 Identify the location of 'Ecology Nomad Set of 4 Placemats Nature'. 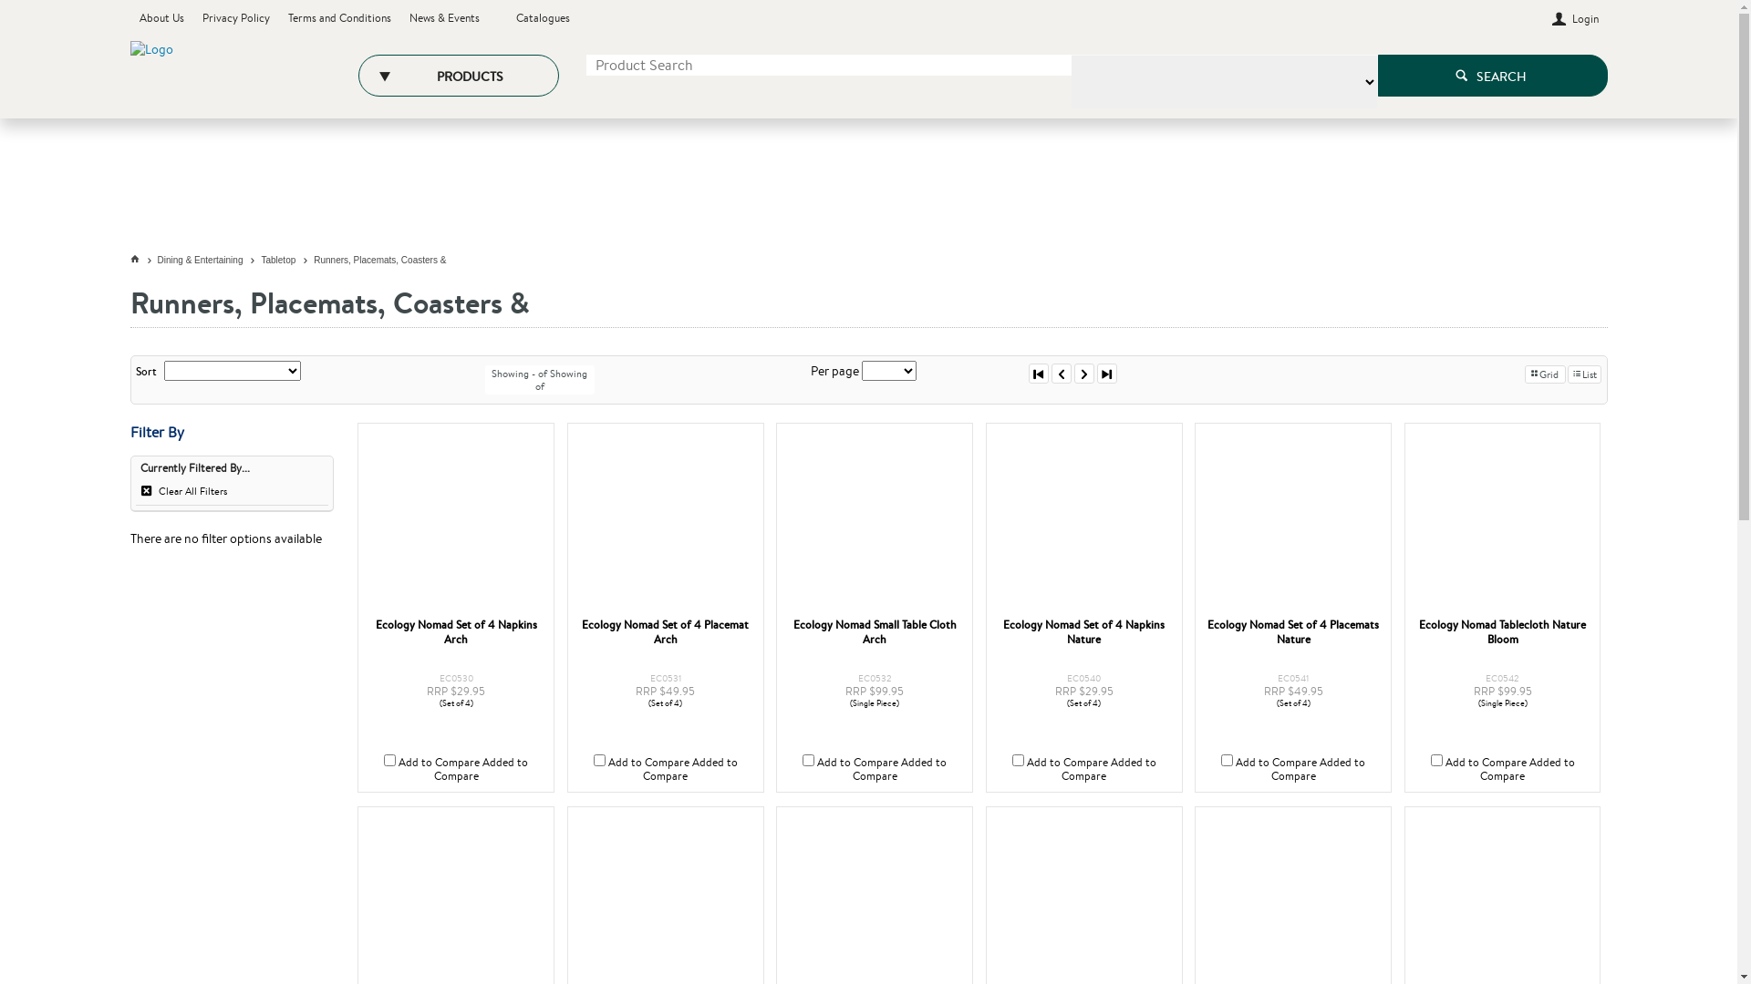
(1291, 631).